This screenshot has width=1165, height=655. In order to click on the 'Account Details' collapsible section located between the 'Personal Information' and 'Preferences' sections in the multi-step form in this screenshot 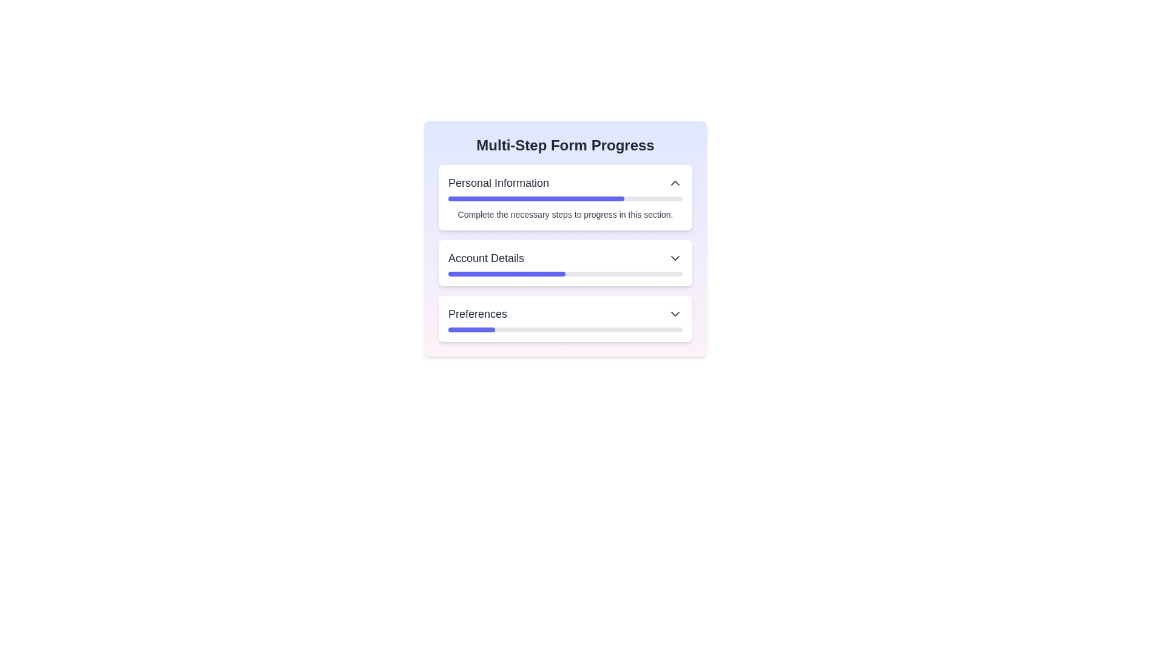, I will do `click(564, 252)`.